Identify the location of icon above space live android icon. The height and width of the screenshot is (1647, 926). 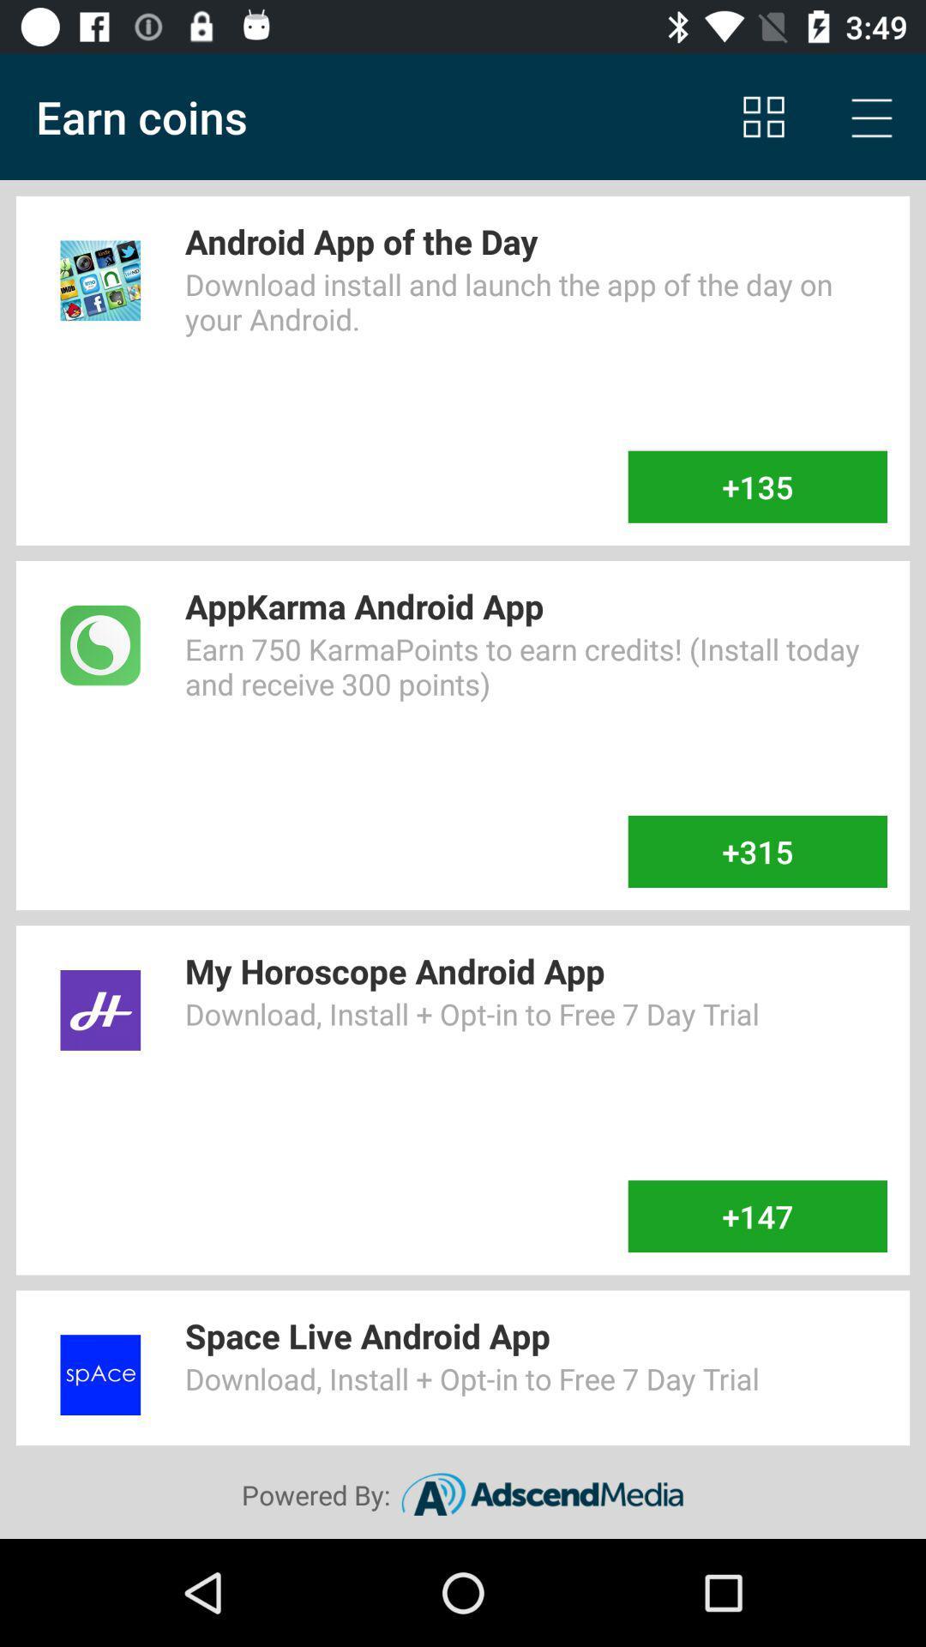
(756, 1216).